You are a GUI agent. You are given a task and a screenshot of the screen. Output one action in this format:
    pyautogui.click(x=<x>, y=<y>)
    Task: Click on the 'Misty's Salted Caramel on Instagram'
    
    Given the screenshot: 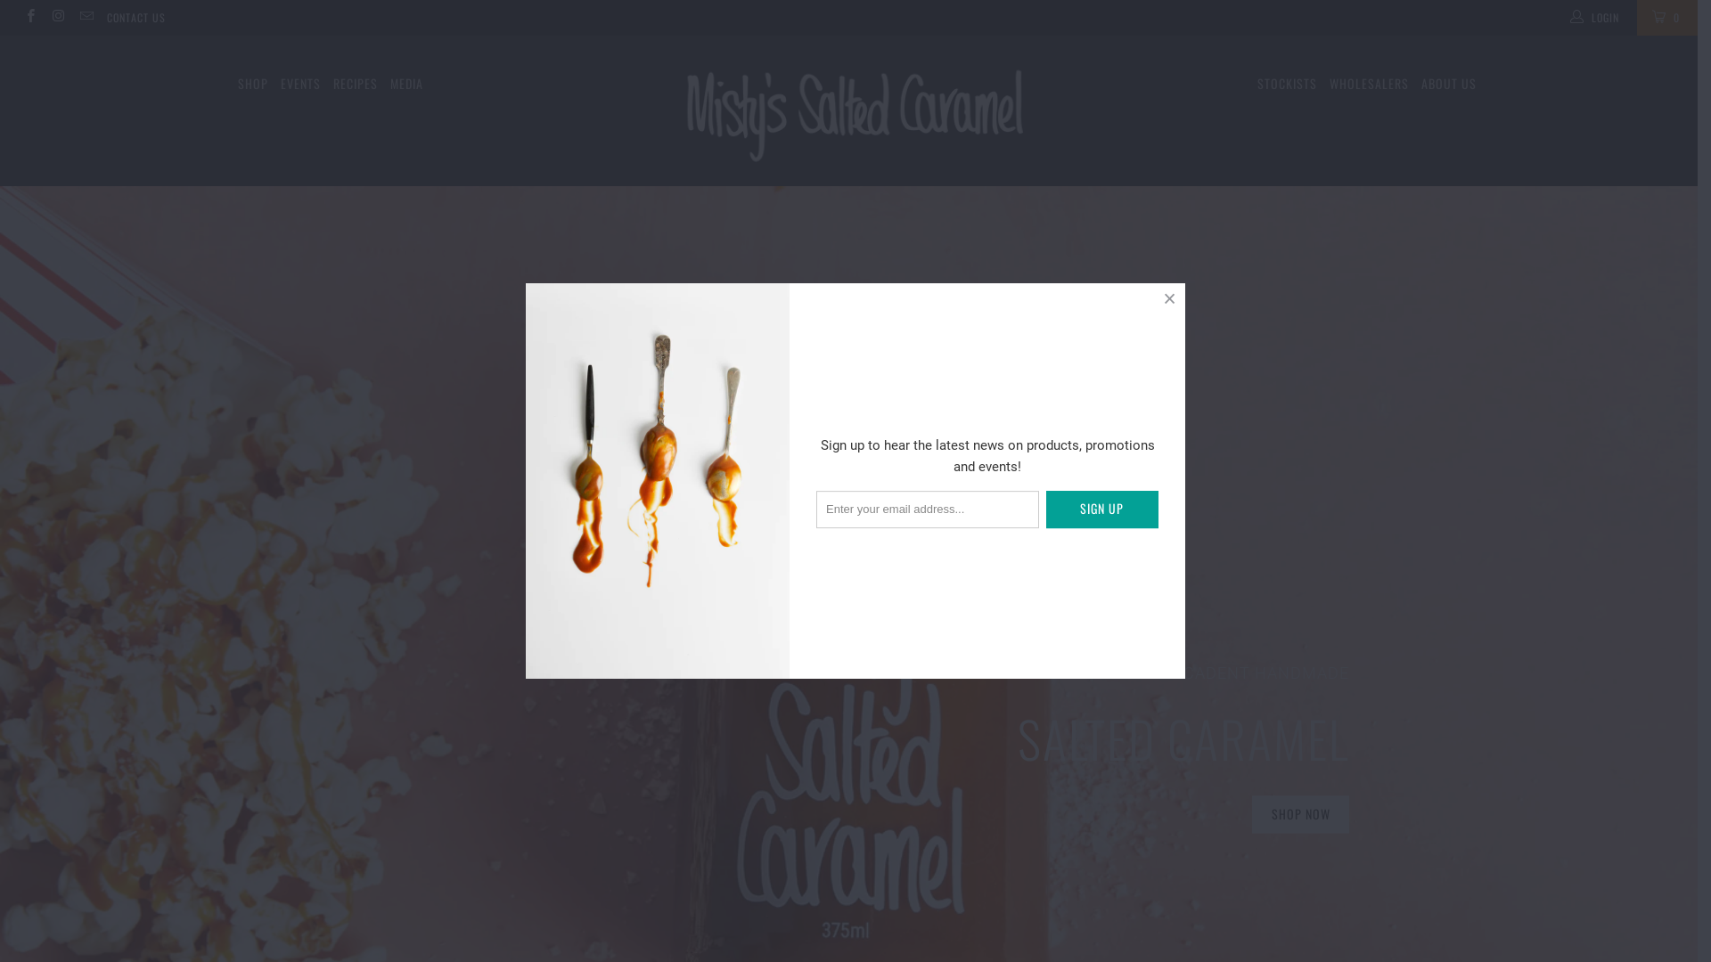 What is the action you would take?
    pyautogui.click(x=57, y=17)
    